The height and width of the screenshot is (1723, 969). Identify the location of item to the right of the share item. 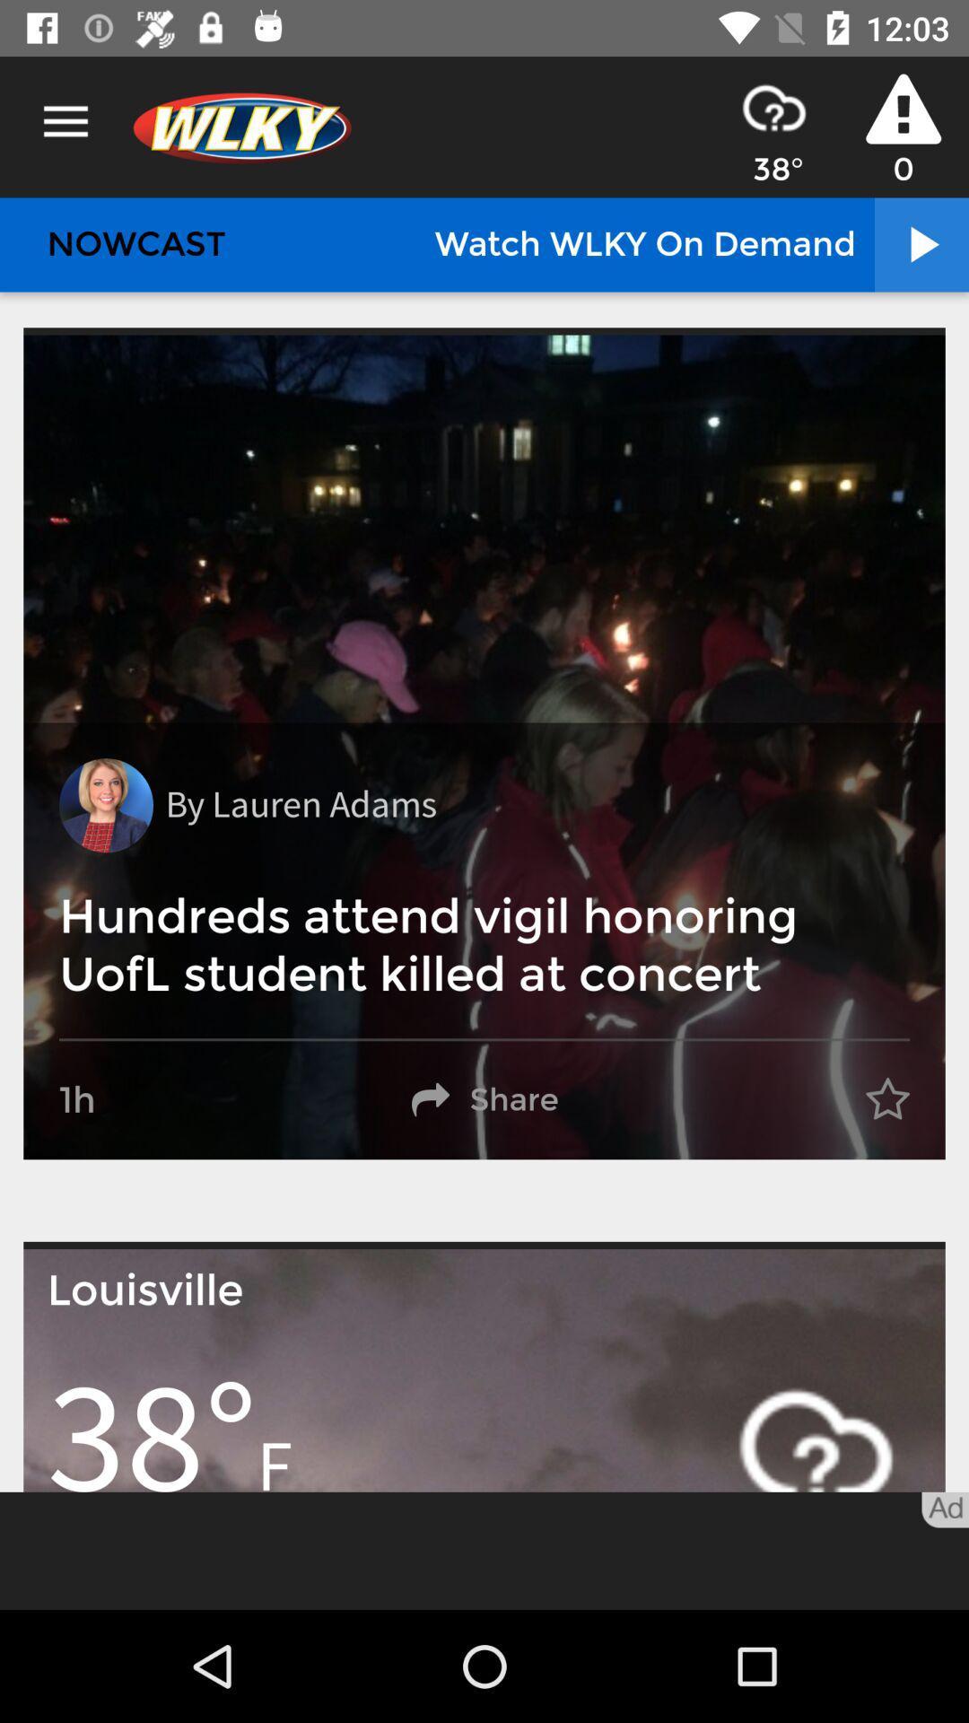
(886, 1099).